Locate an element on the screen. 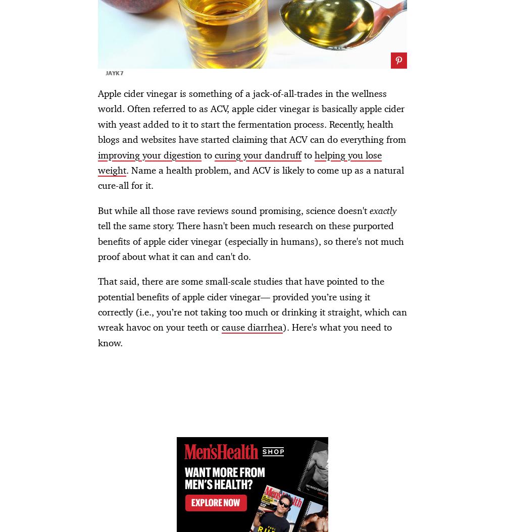 The image size is (505, 532). 'Advertisement - Continue Reading Below' is located at coordinates (199, 398).